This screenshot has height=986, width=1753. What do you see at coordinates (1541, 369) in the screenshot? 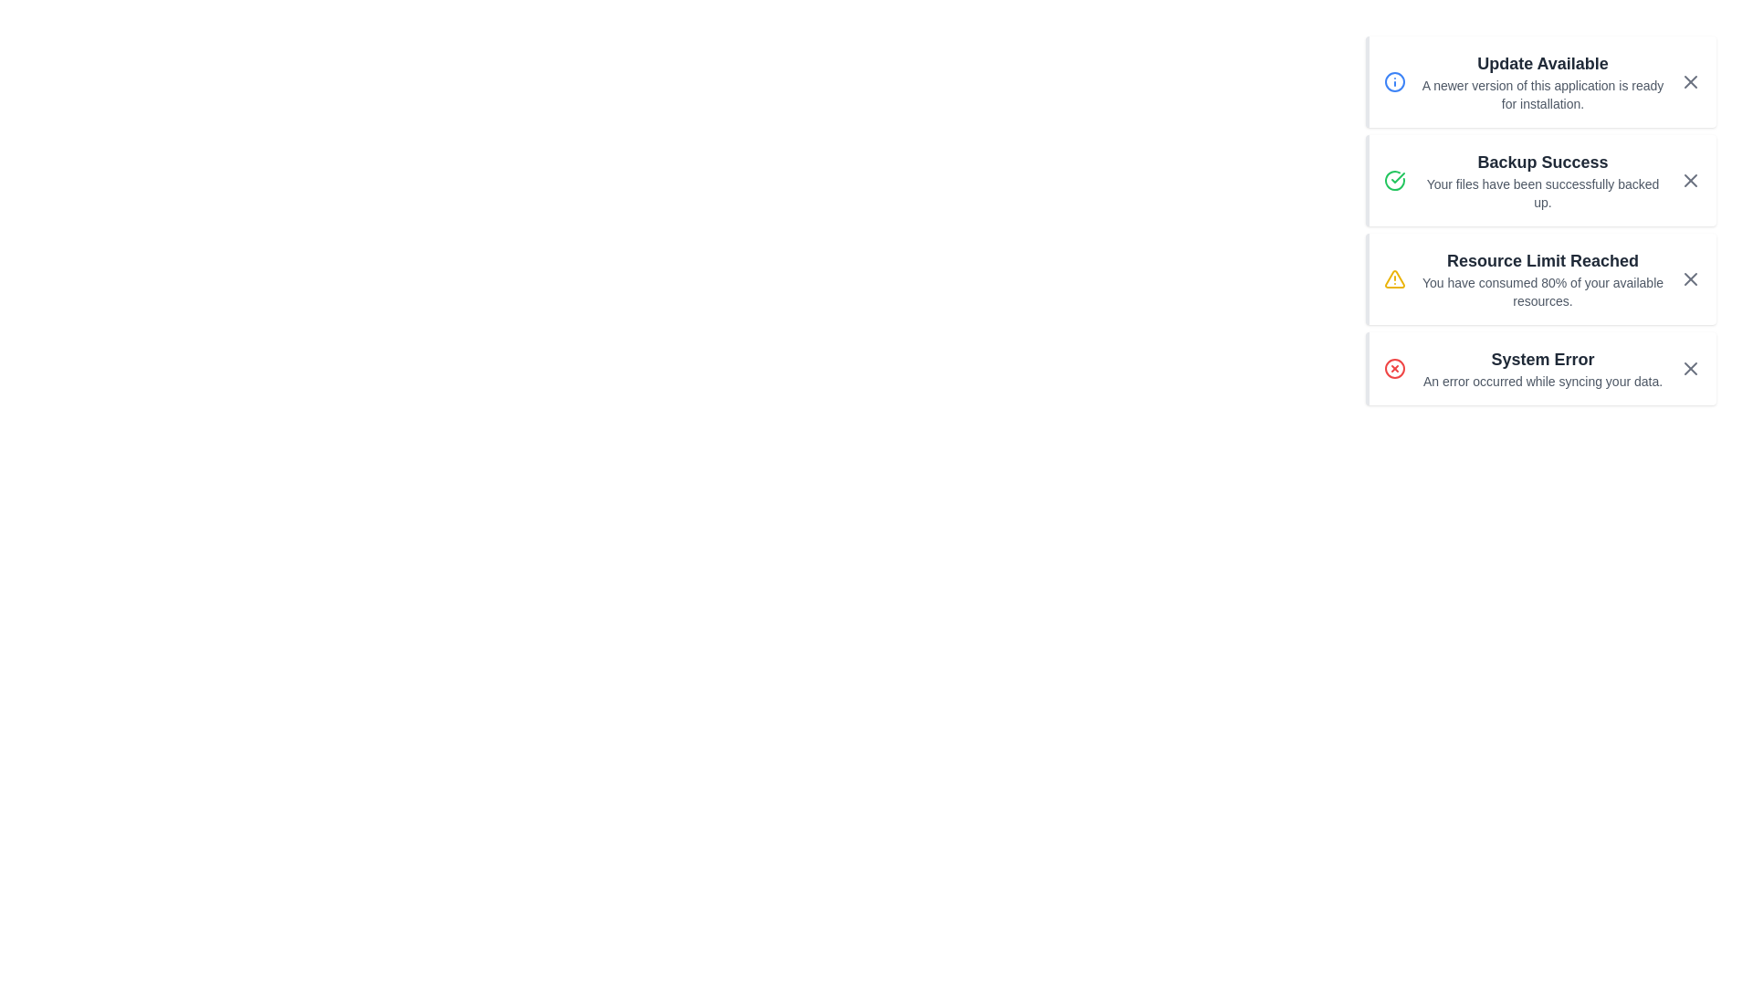
I see `the informational text within the notification card that displays 'System Error' followed by 'An error occurred while syncing your data.'` at bounding box center [1541, 369].